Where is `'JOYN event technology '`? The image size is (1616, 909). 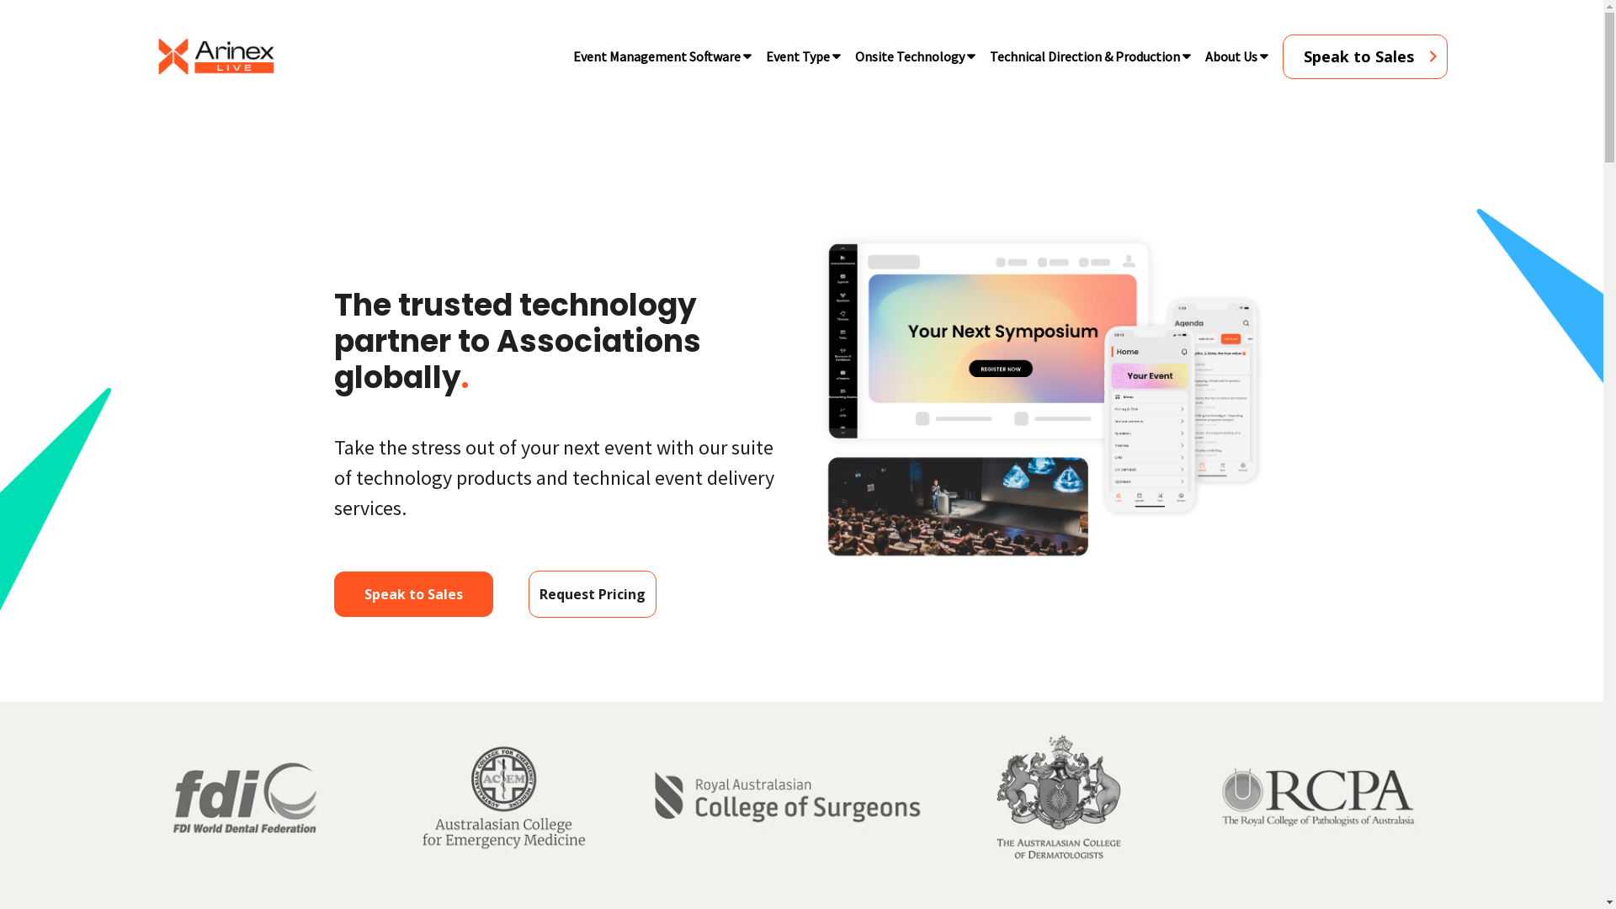 'JOYN event technology ' is located at coordinates (1040, 396).